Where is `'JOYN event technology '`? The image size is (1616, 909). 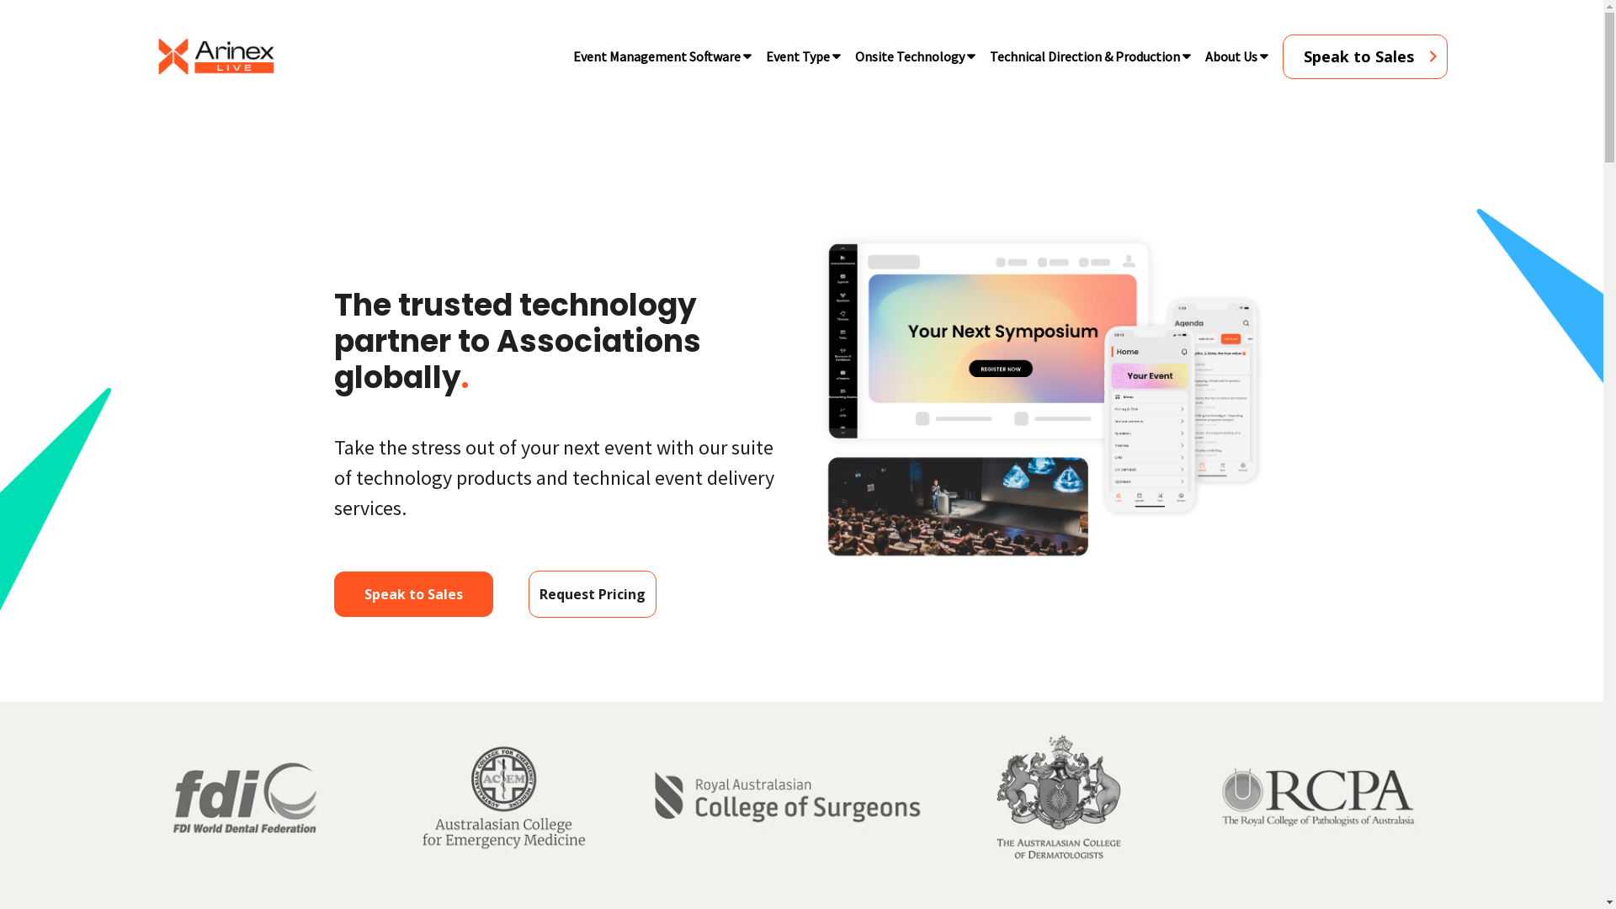 'JOYN event technology ' is located at coordinates (1040, 396).